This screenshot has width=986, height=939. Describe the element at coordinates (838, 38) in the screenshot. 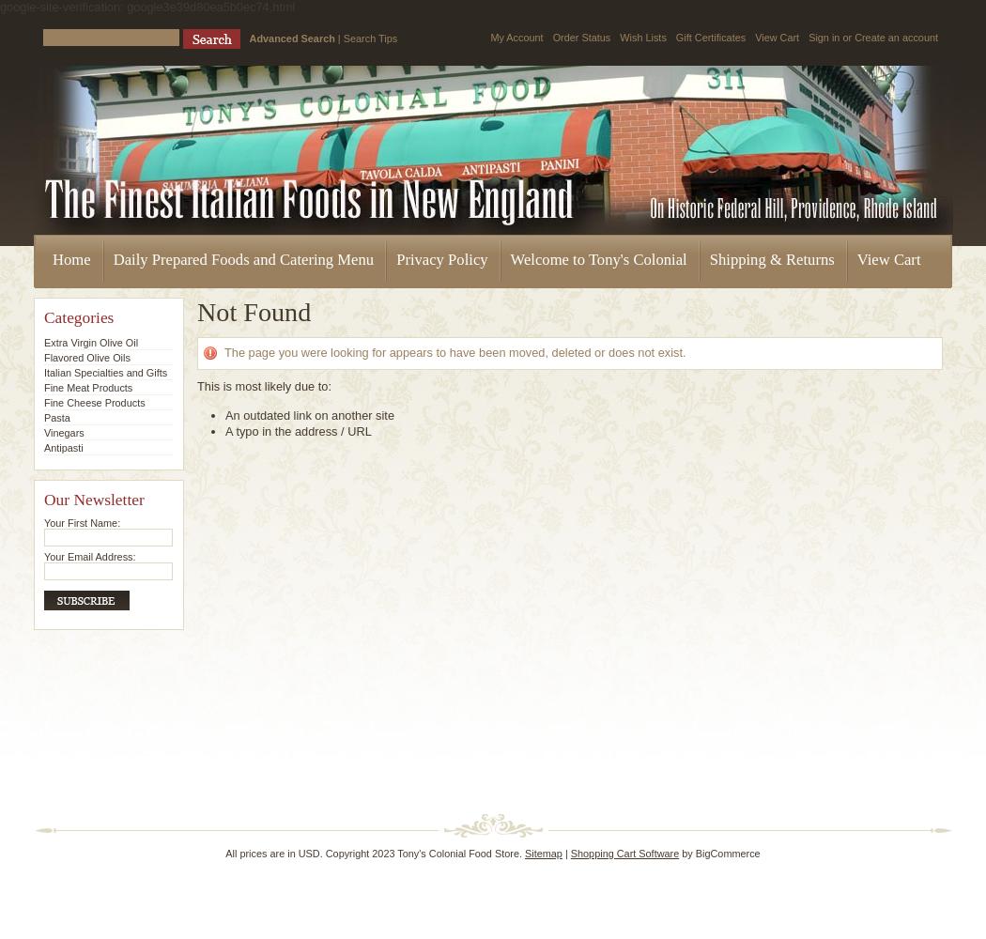

I see `'or'` at that location.